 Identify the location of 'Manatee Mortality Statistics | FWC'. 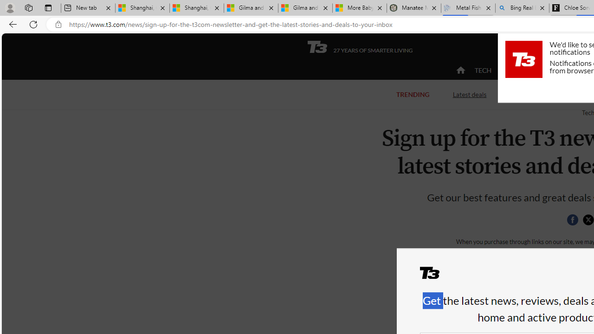
(413, 8).